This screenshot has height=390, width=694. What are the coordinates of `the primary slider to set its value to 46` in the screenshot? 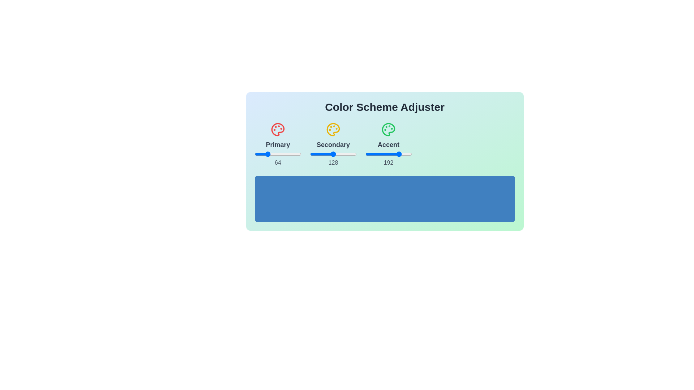 It's located at (262, 154).